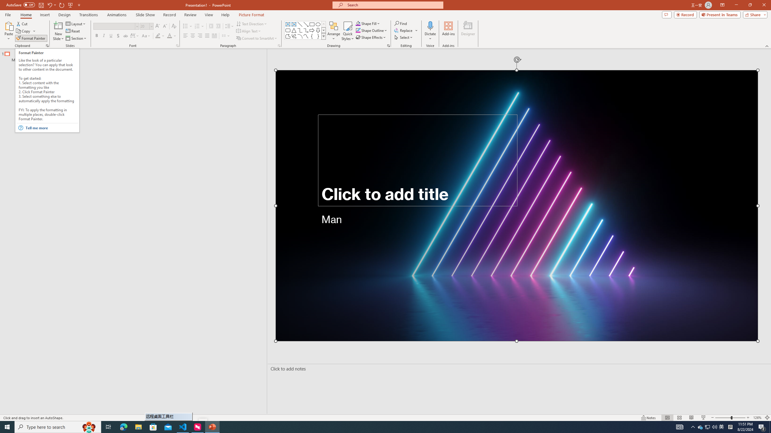 Image resolution: width=771 pixels, height=433 pixels. Describe the element at coordinates (293, 30) in the screenshot. I see `'Isosceles Triangle'` at that location.